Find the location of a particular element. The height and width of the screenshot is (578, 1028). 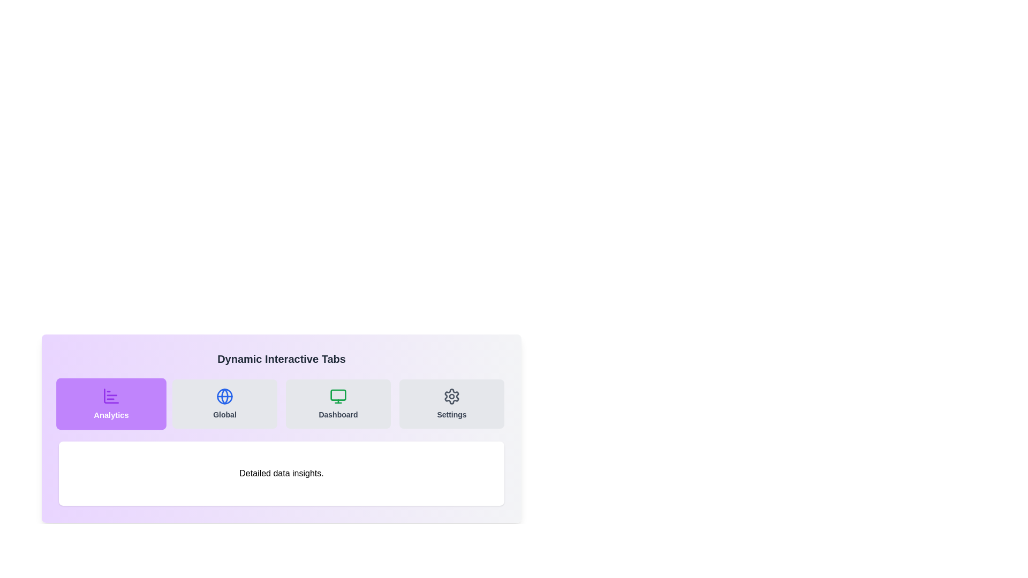

the navigation button located in the grid layout that redirects users to the 'Dashboard' section is located at coordinates (338, 404).